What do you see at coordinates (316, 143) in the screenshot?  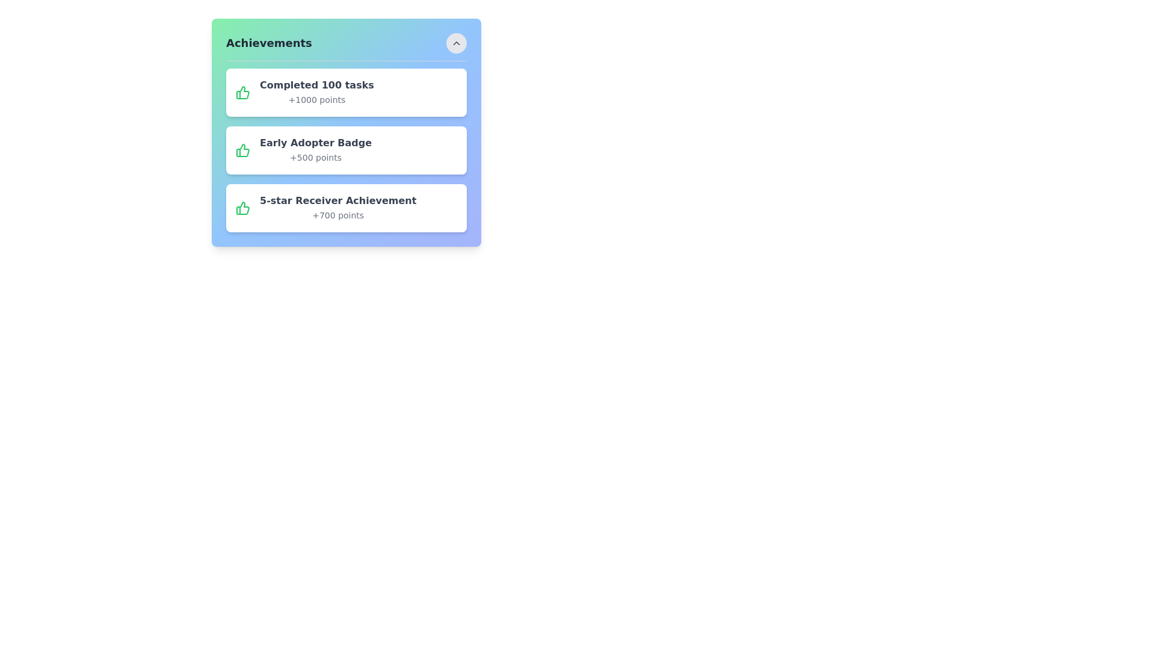 I see `the 'Early Adopter Badge' text label, which is located at the top of the second achievement card, above the '+500 points' text` at bounding box center [316, 143].